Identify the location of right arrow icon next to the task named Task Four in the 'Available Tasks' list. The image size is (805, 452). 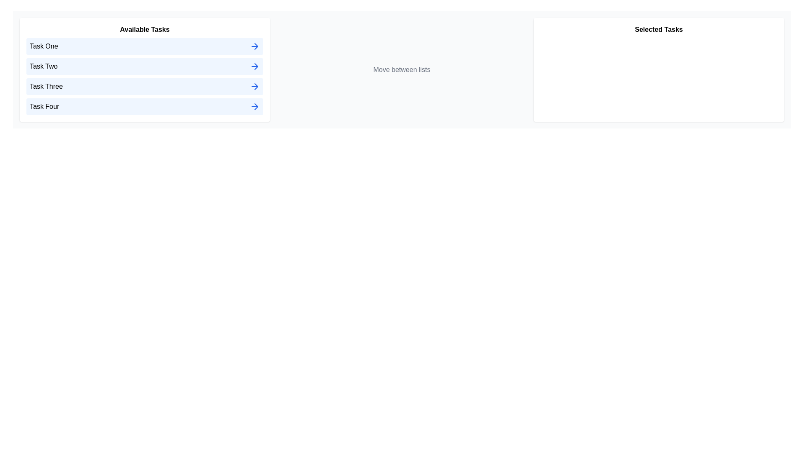
(254, 106).